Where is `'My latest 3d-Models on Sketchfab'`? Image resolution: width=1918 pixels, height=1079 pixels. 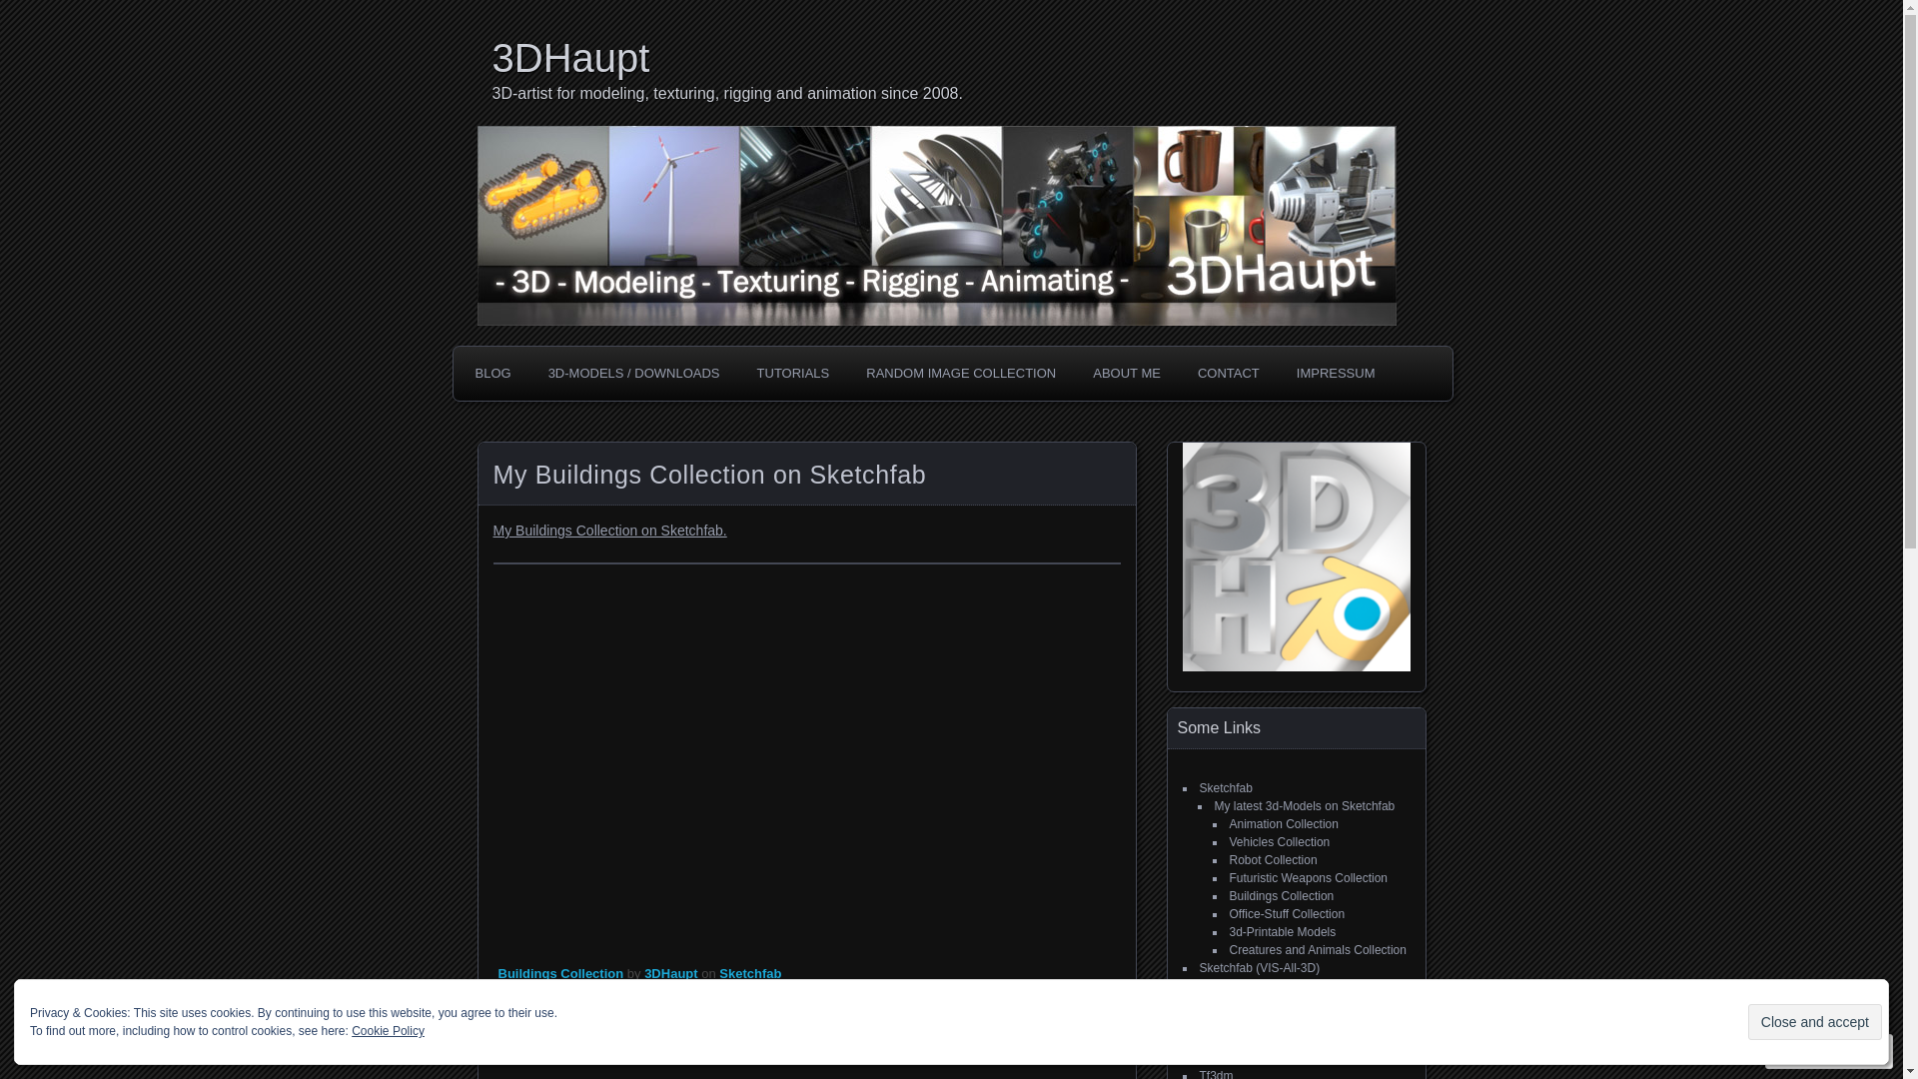 'My latest 3d-Models on Sketchfab' is located at coordinates (1305, 804).